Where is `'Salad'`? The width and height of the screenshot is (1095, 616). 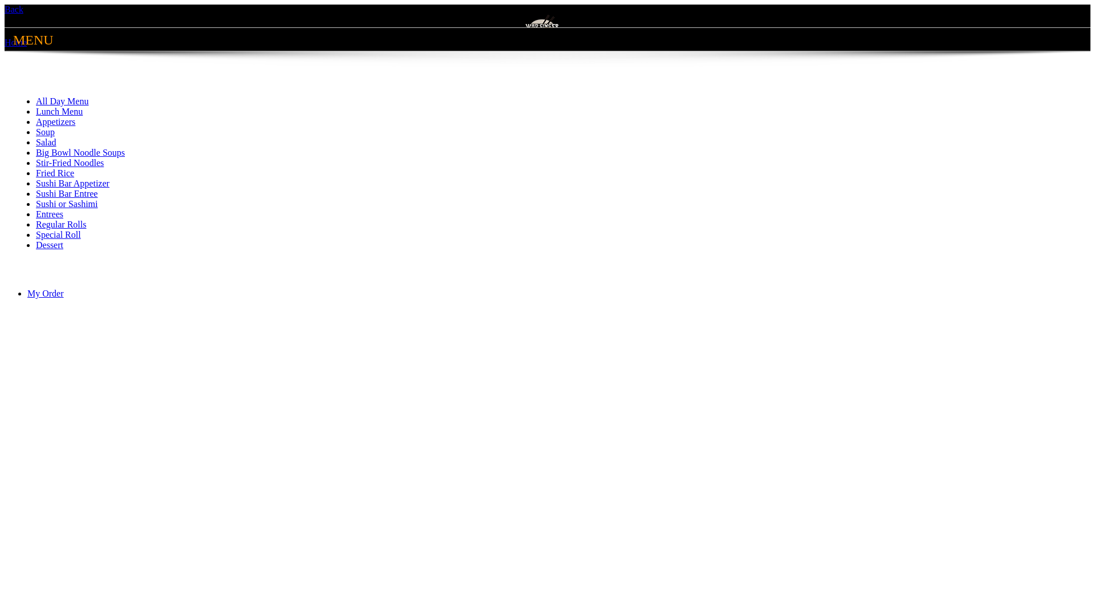 'Salad' is located at coordinates (46, 141).